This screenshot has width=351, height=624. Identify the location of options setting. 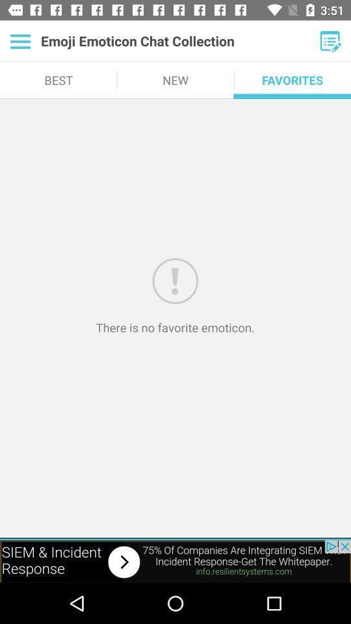
(19, 41).